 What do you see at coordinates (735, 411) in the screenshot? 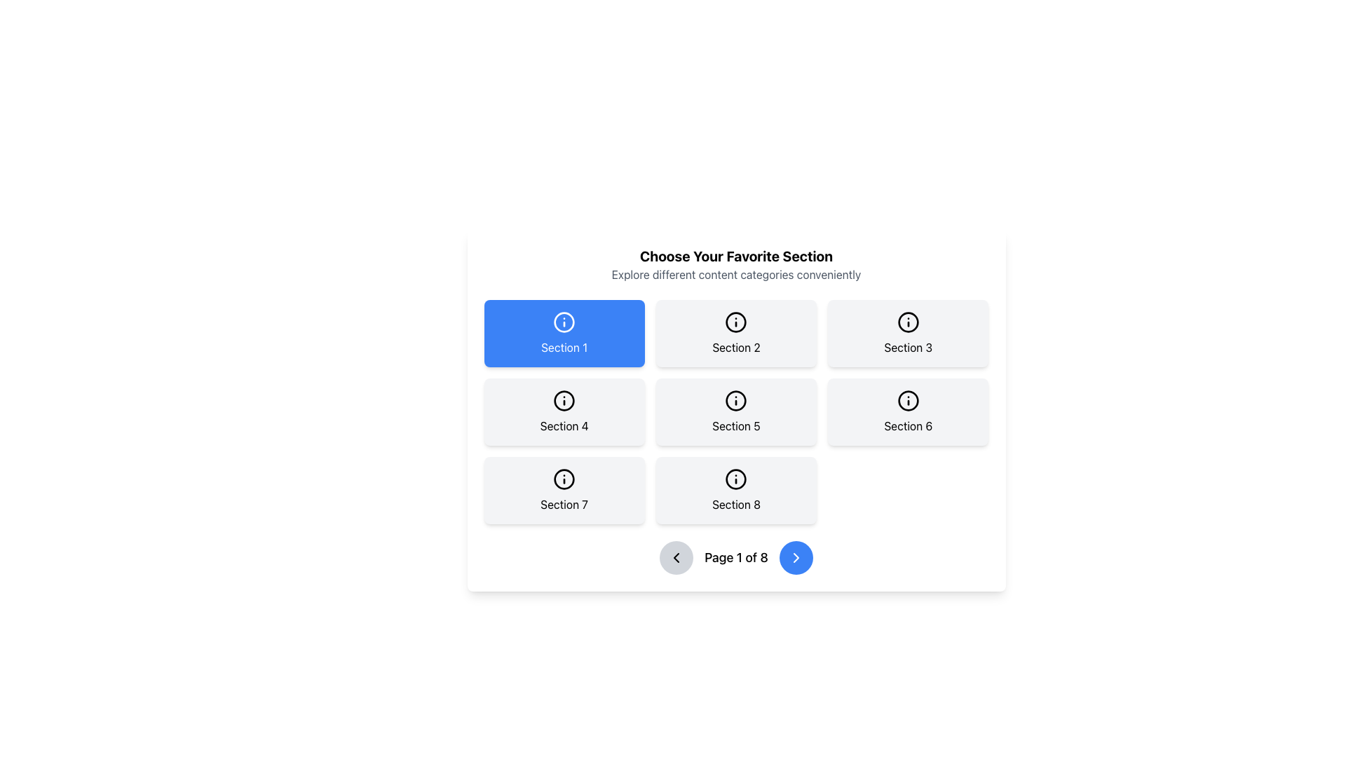
I see `the navigation button for 'Section 5', located in the center column and second row of a 3x3 grid layout` at bounding box center [735, 411].